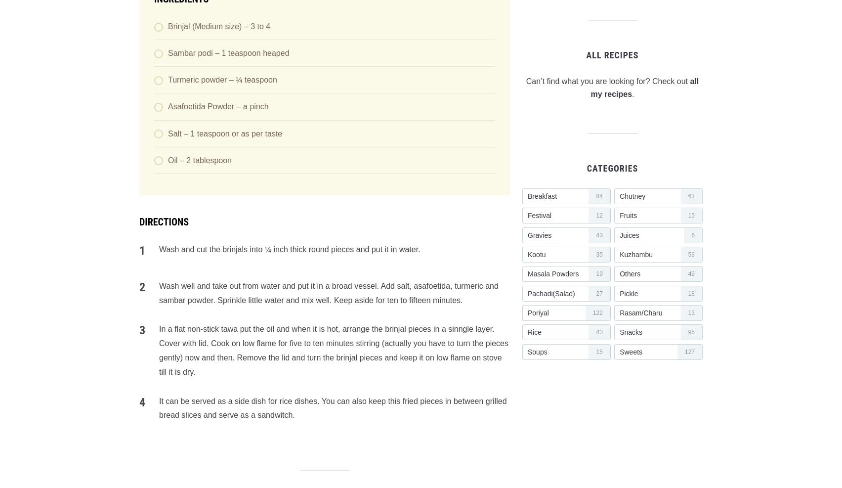 The image size is (842, 488). Describe the element at coordinates (139, 230) in the screenshot. I see `'Email Address'` at that location.